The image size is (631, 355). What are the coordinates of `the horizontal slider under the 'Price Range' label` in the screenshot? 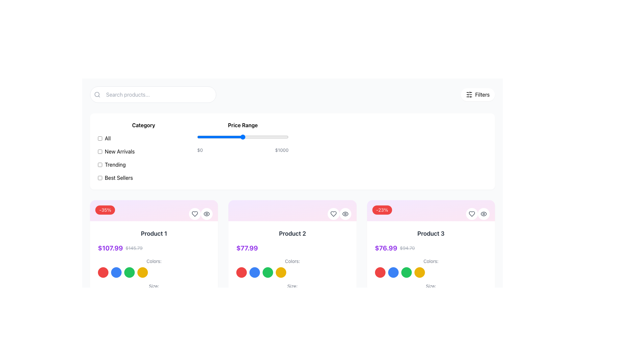 It's located at (243, 152).